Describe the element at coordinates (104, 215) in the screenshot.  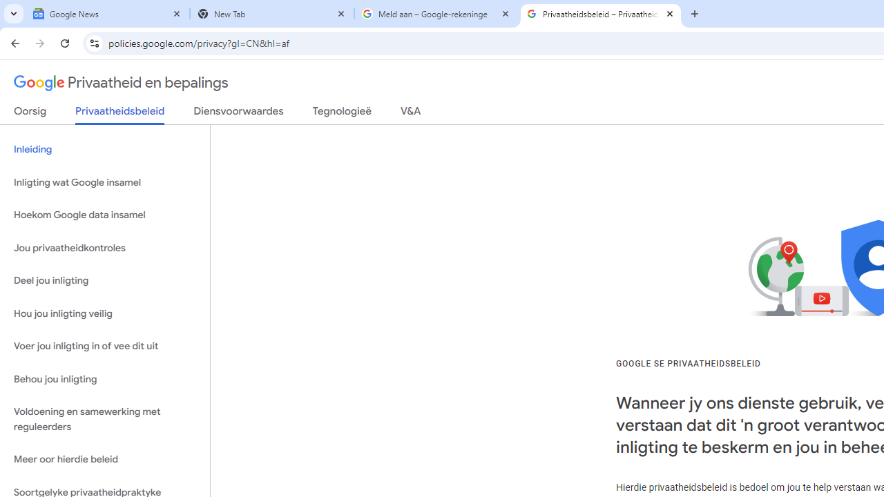
I see `'Hoekom Google data insamel'` at that location.